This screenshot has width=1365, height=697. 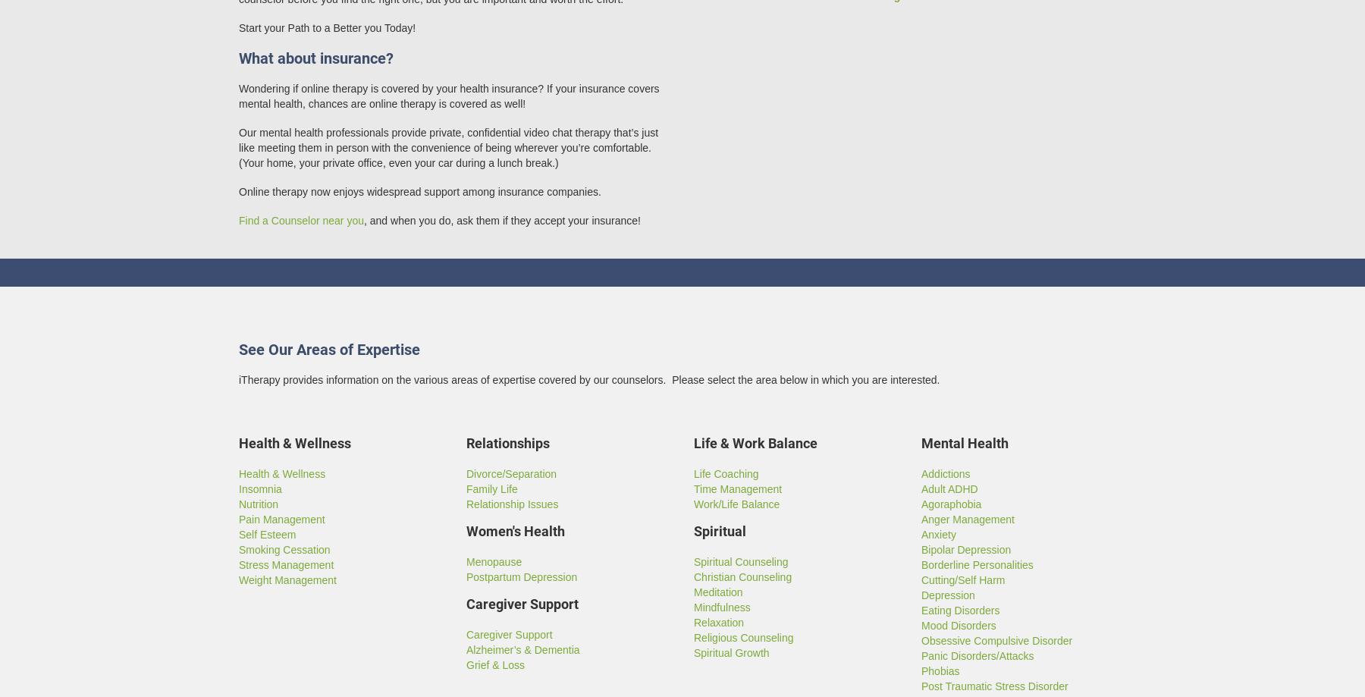 What do you see at coordinates (329, 349) in the screenshot?
I see `'See Our Areas of Expertise'` at bounding box center [329, 349].